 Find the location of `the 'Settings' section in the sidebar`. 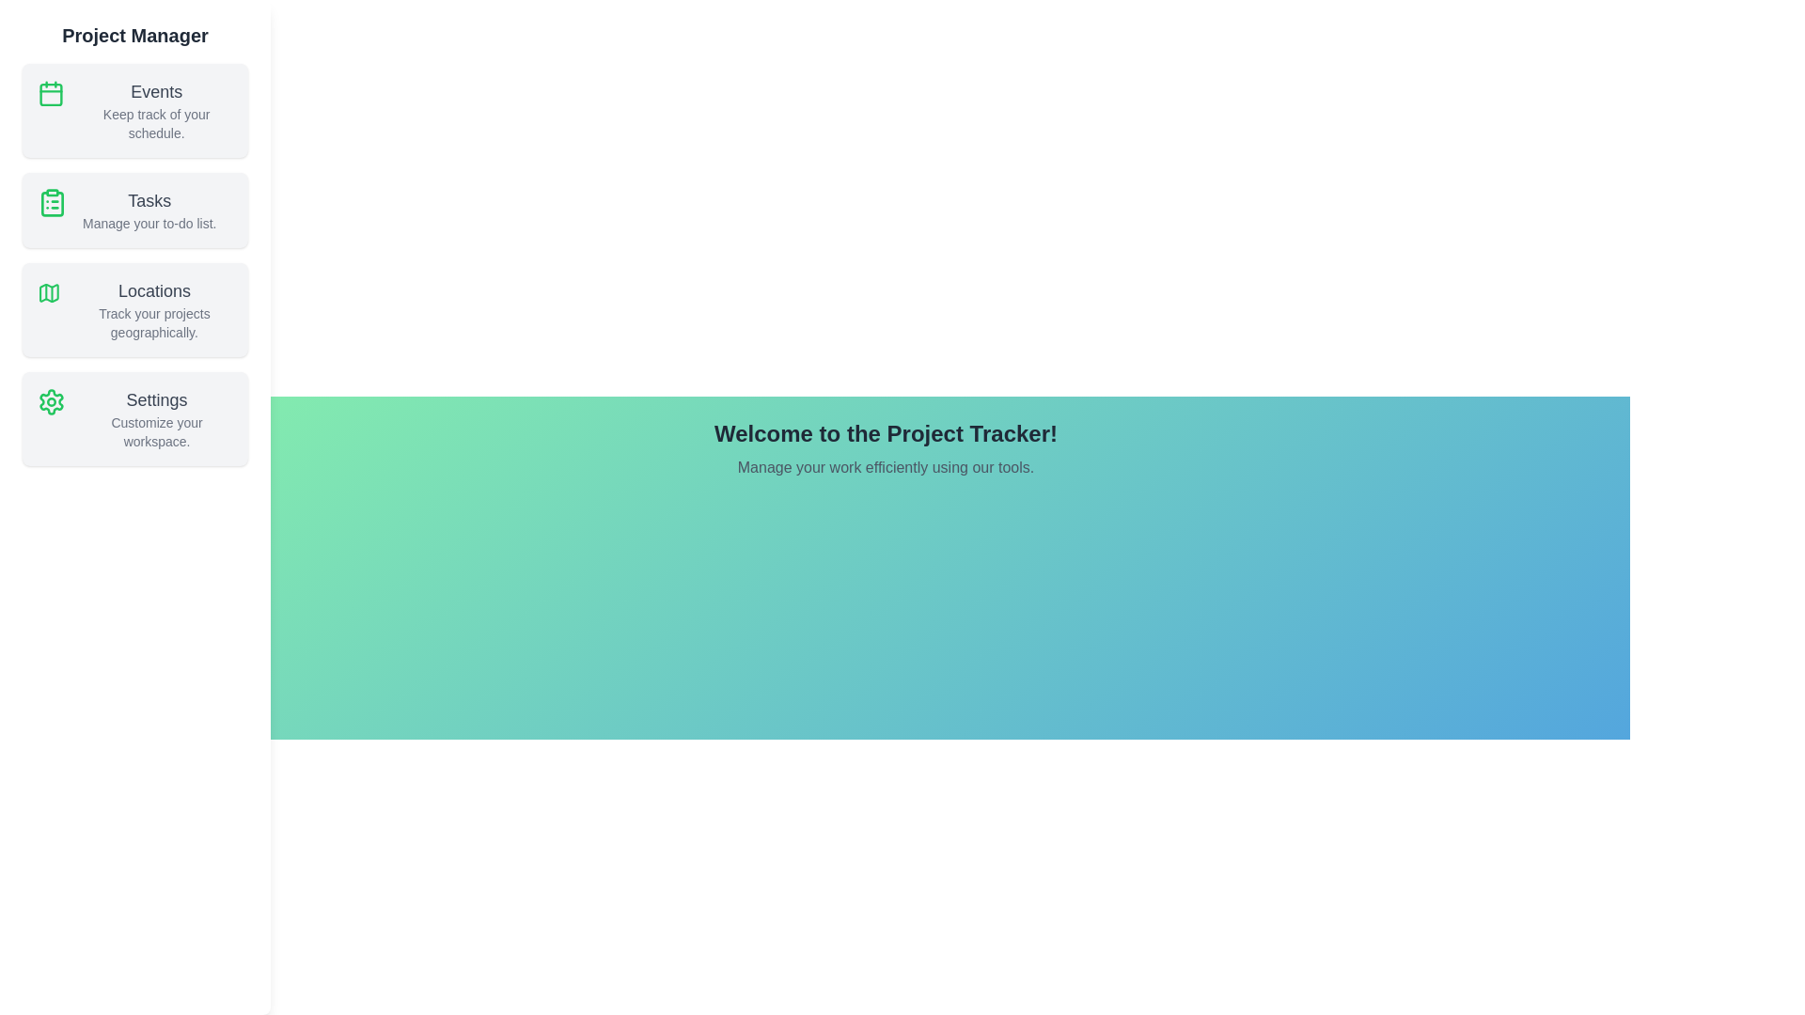

the 'Settings' section in the sidebar is located at coordinates (134, 418).